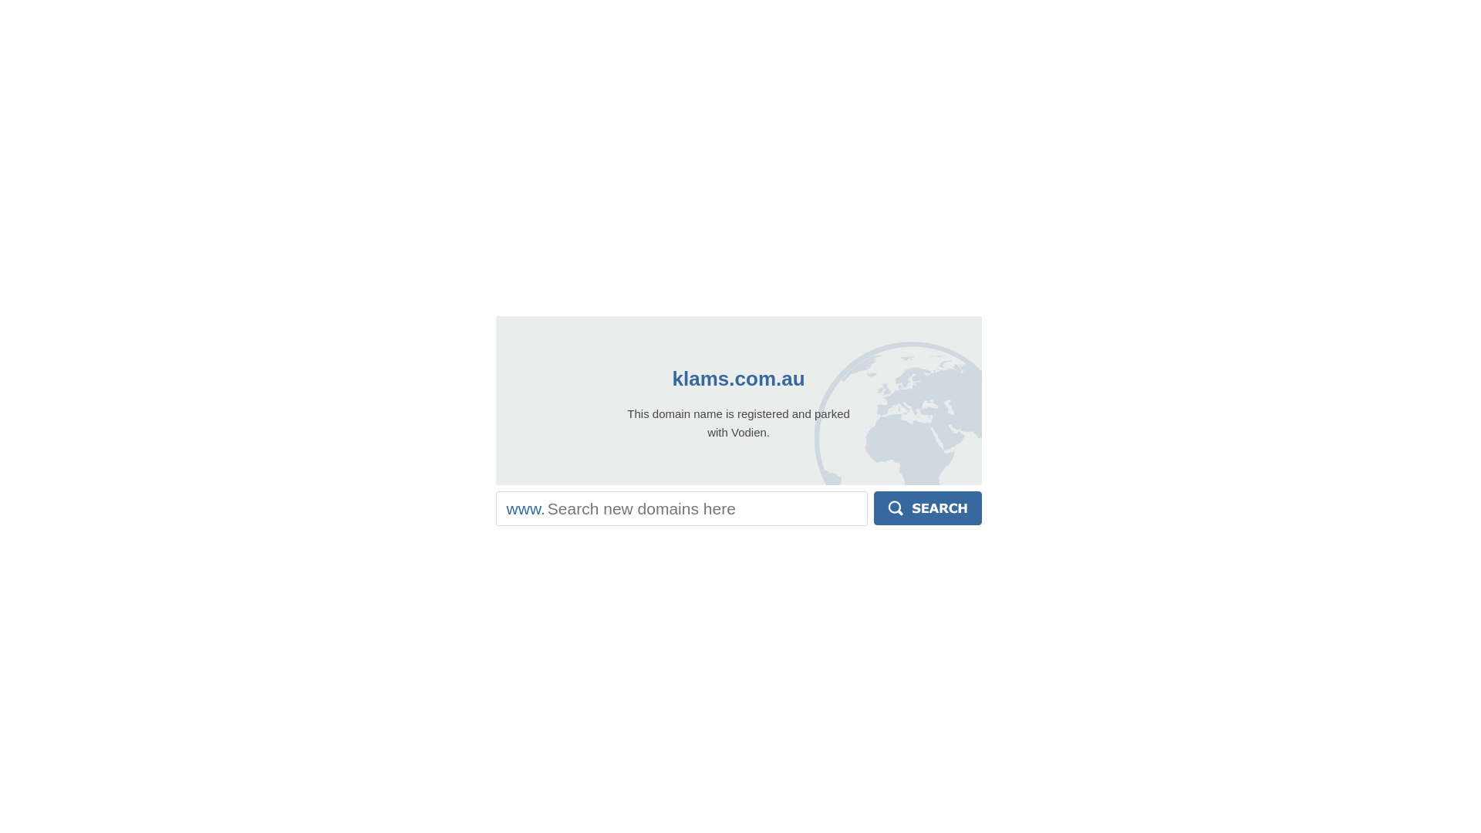 Image resolution: width=1481 pixels, height=833 pixels. I want to click on 'Search', so click(927, 508).